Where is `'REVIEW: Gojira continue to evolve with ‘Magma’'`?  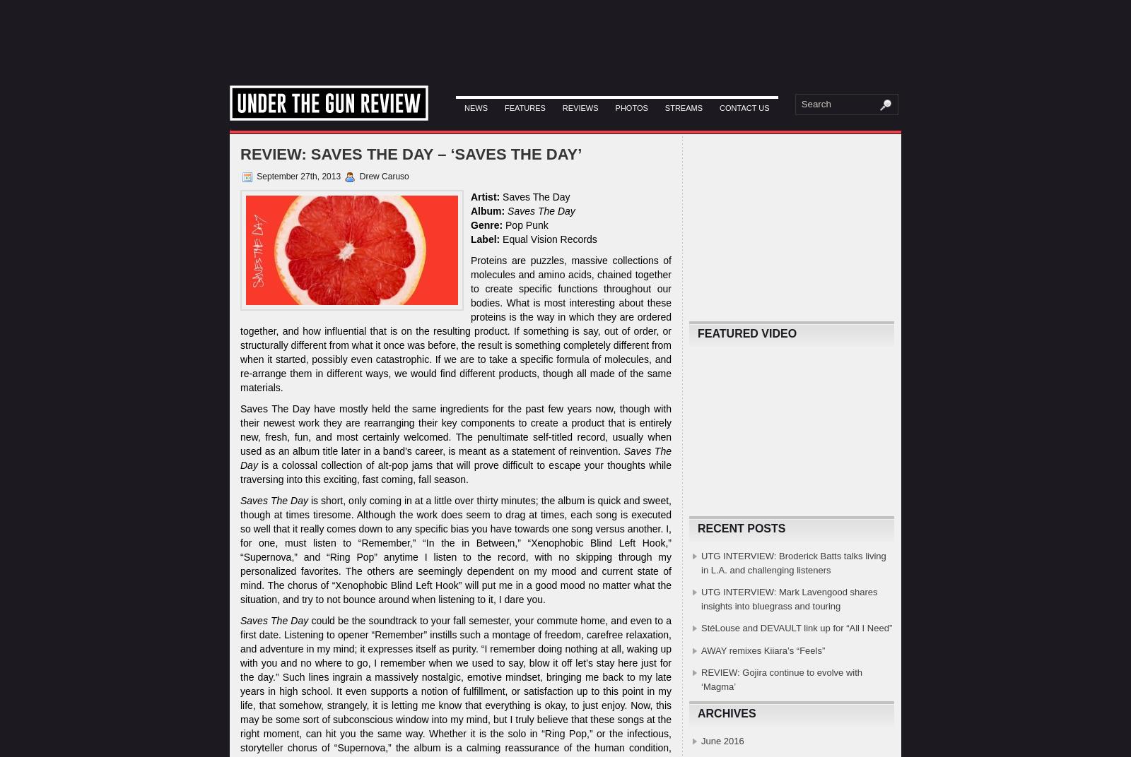 'REVIEW: Gojira continue to evolve with ‘Magma’' is located at coordinates (781, 679).